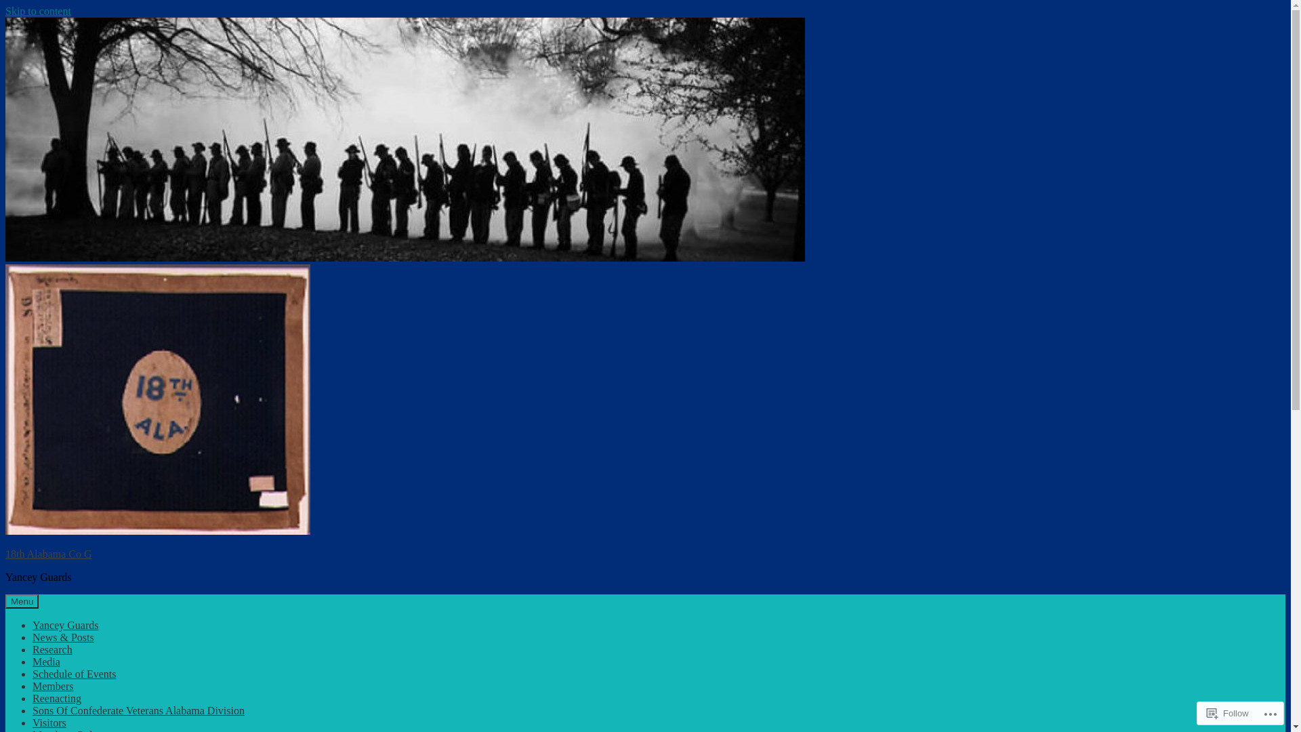 The width and height of the screenshot is (1301, 732). I want to click on 'Follow', so click(1201, 712).